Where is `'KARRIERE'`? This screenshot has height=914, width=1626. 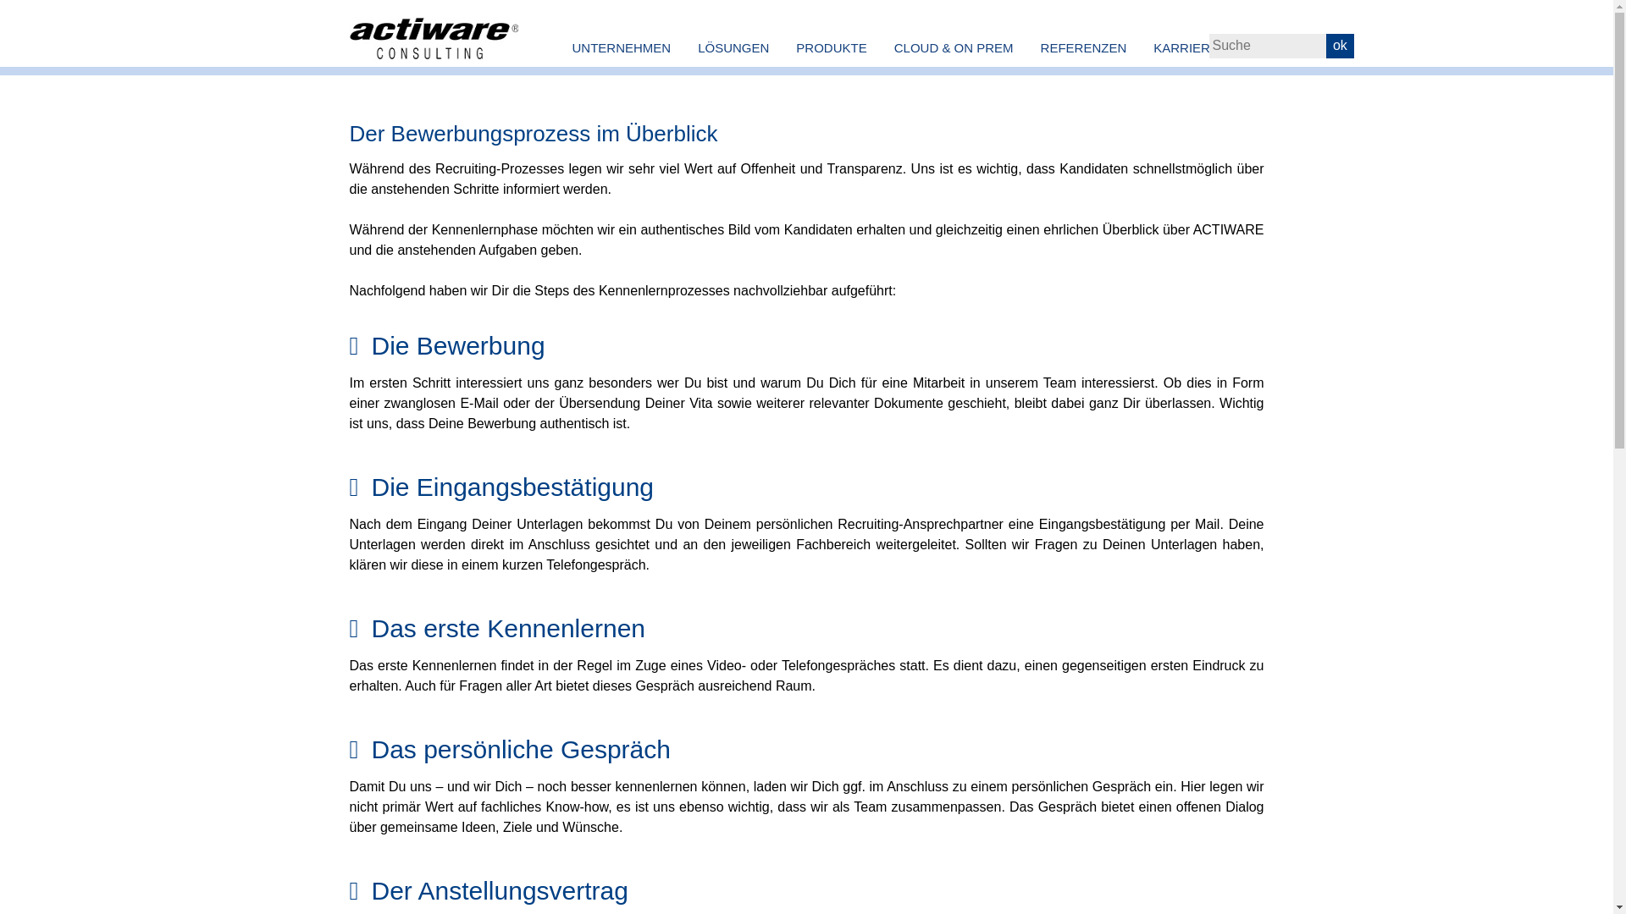
'KARRIERE' is located at coordinates (1139, 47).